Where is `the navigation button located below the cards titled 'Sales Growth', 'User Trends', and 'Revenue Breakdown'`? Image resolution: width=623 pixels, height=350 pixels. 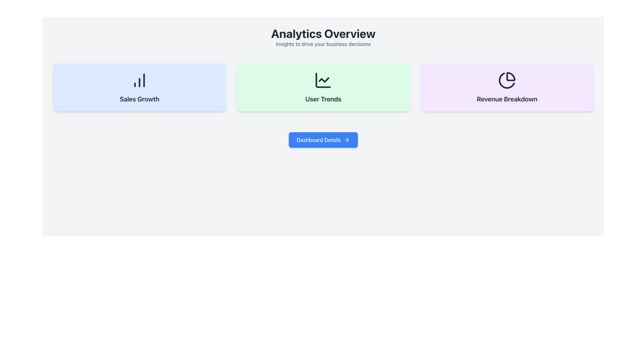
the navigation button located below the cards titled 'Sales Growth', 'User Trends', and 'Revenue Breakdown' is located at coordinates (323, 140).